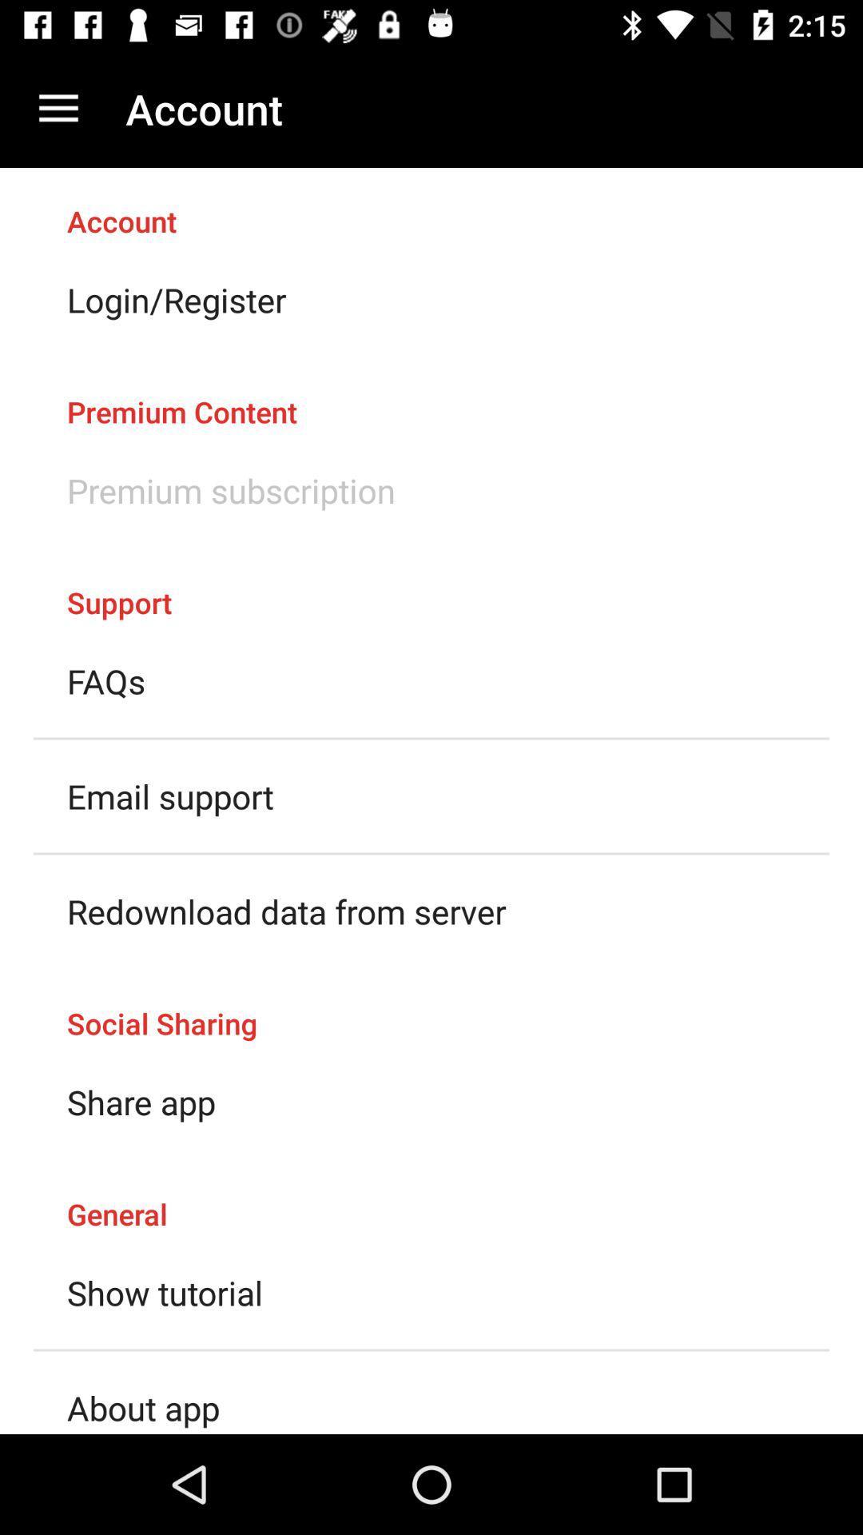 The height and width of the screenshot is (1535, 863). I want to click on the general icon, so click(431, 1197).